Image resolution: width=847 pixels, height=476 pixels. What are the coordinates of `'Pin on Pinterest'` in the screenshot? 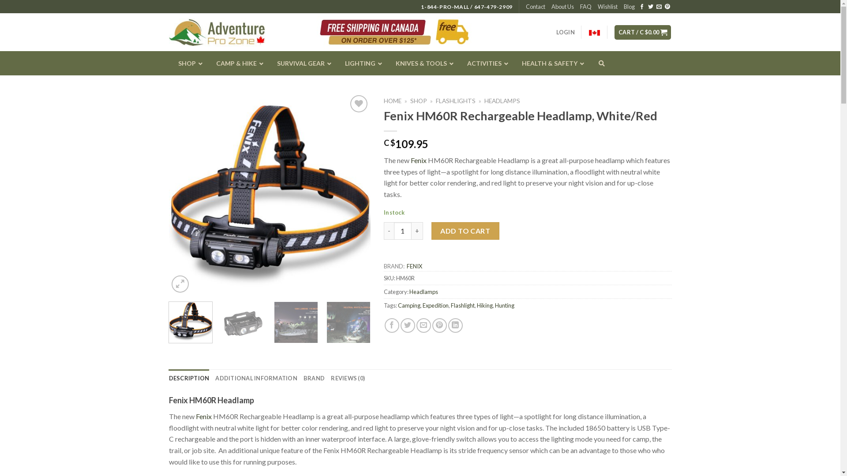 It's located at (439, 325).